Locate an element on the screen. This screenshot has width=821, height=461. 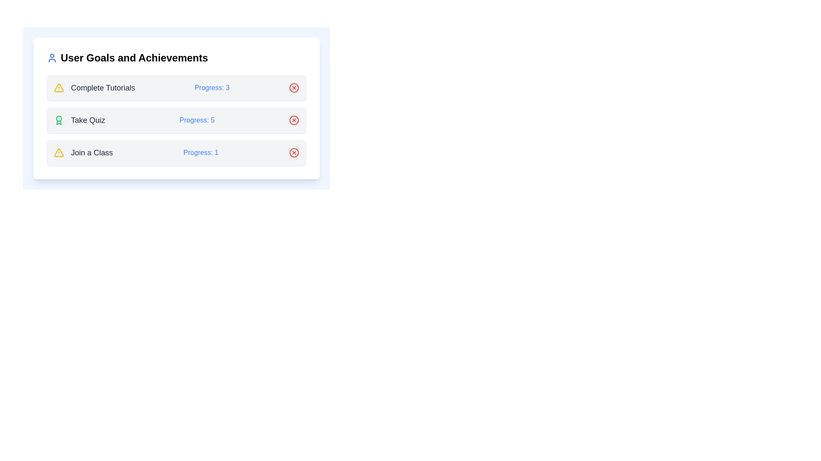
the delete button located in the second row next to the 'Take Quiz' text is located at coordinates (294, 120).